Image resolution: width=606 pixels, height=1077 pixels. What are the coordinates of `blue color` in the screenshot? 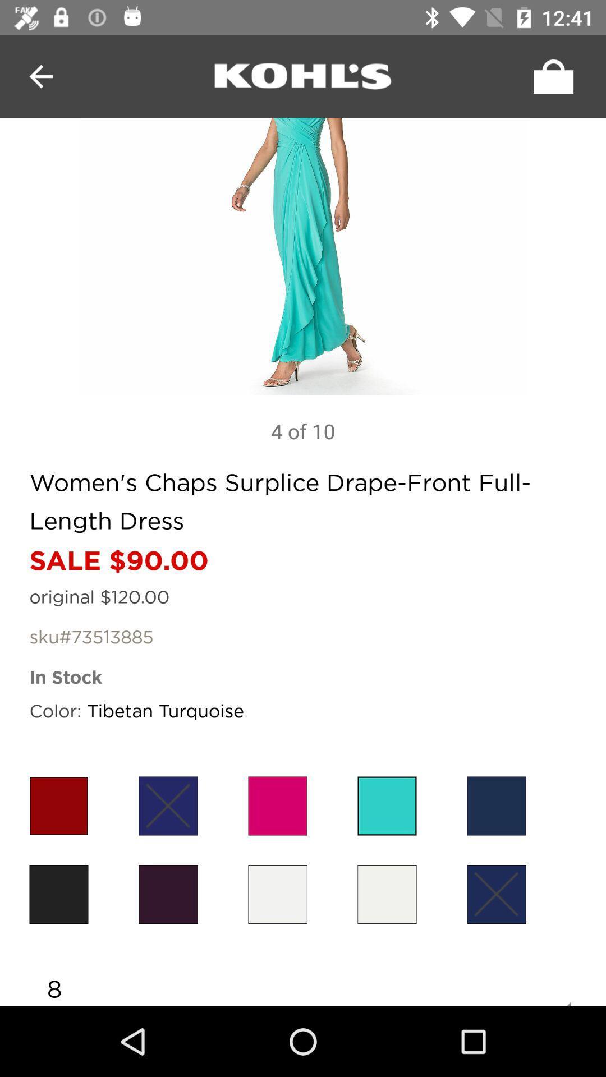 It's located at (495, 805).